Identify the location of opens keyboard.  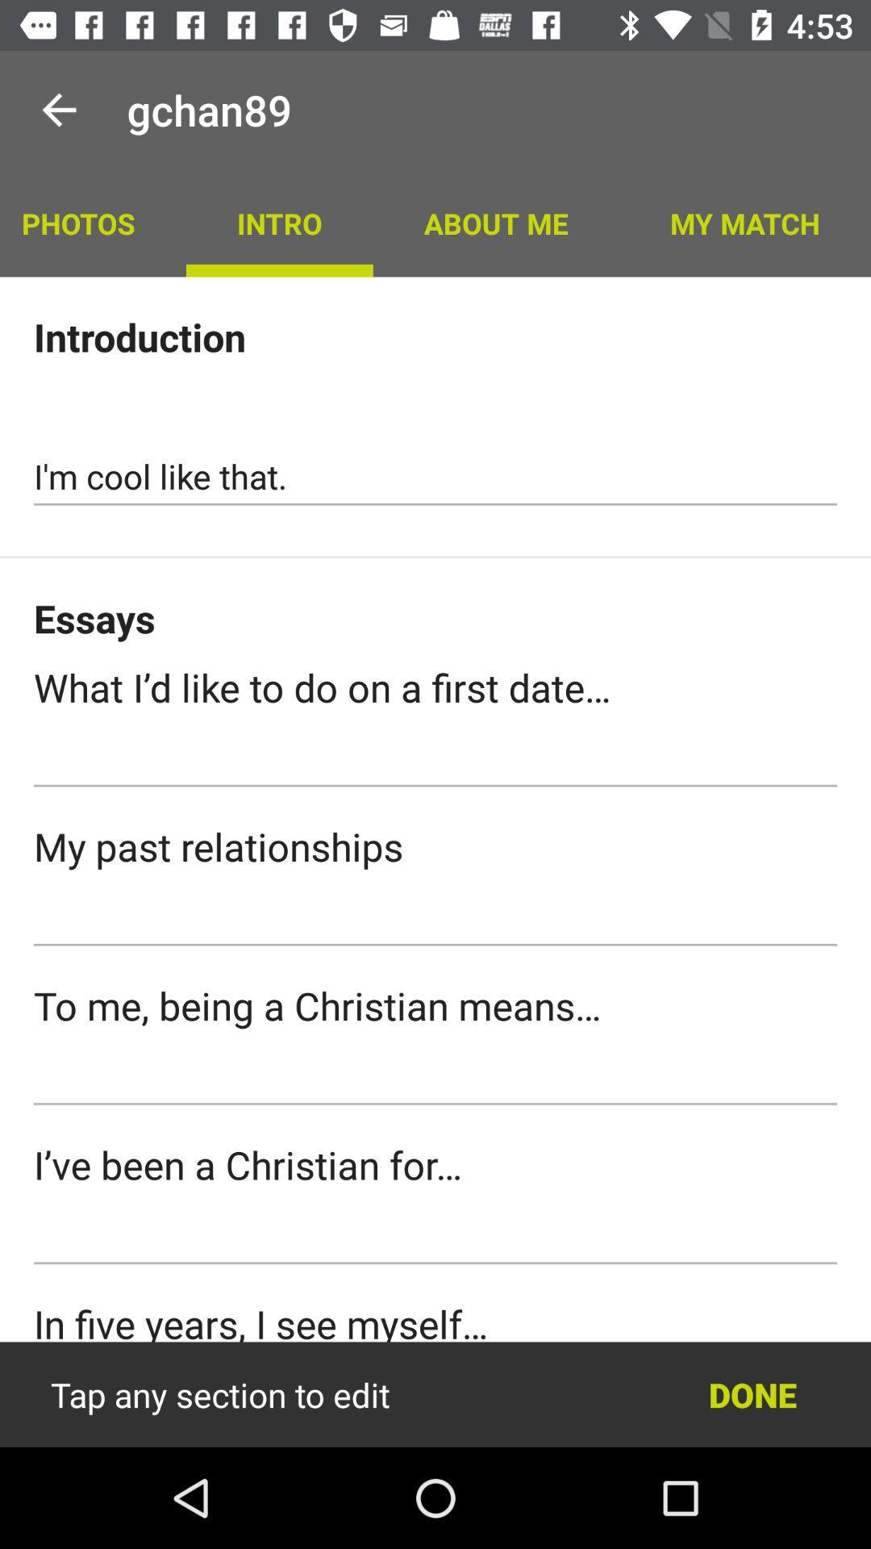
(435, 1076).